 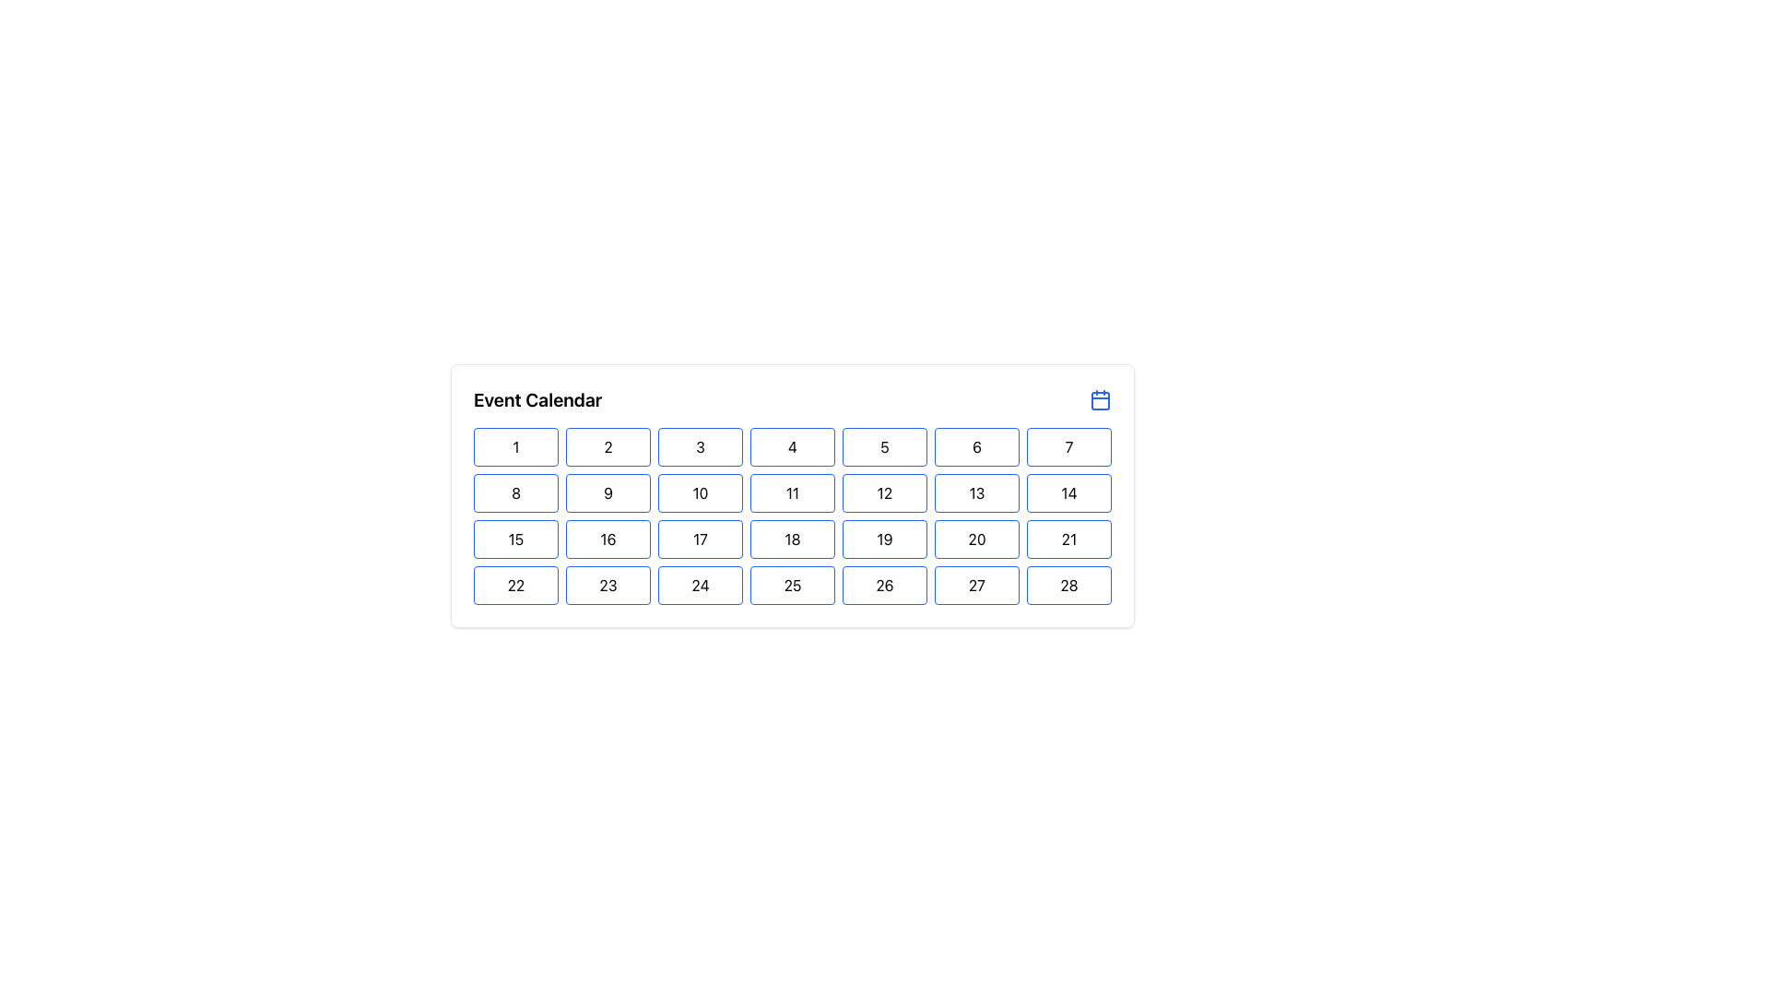 I want to click on the rectangular button with rounded corners and a blue border containing the text '10' to trigger its hover state, so click(x=699, y=492).